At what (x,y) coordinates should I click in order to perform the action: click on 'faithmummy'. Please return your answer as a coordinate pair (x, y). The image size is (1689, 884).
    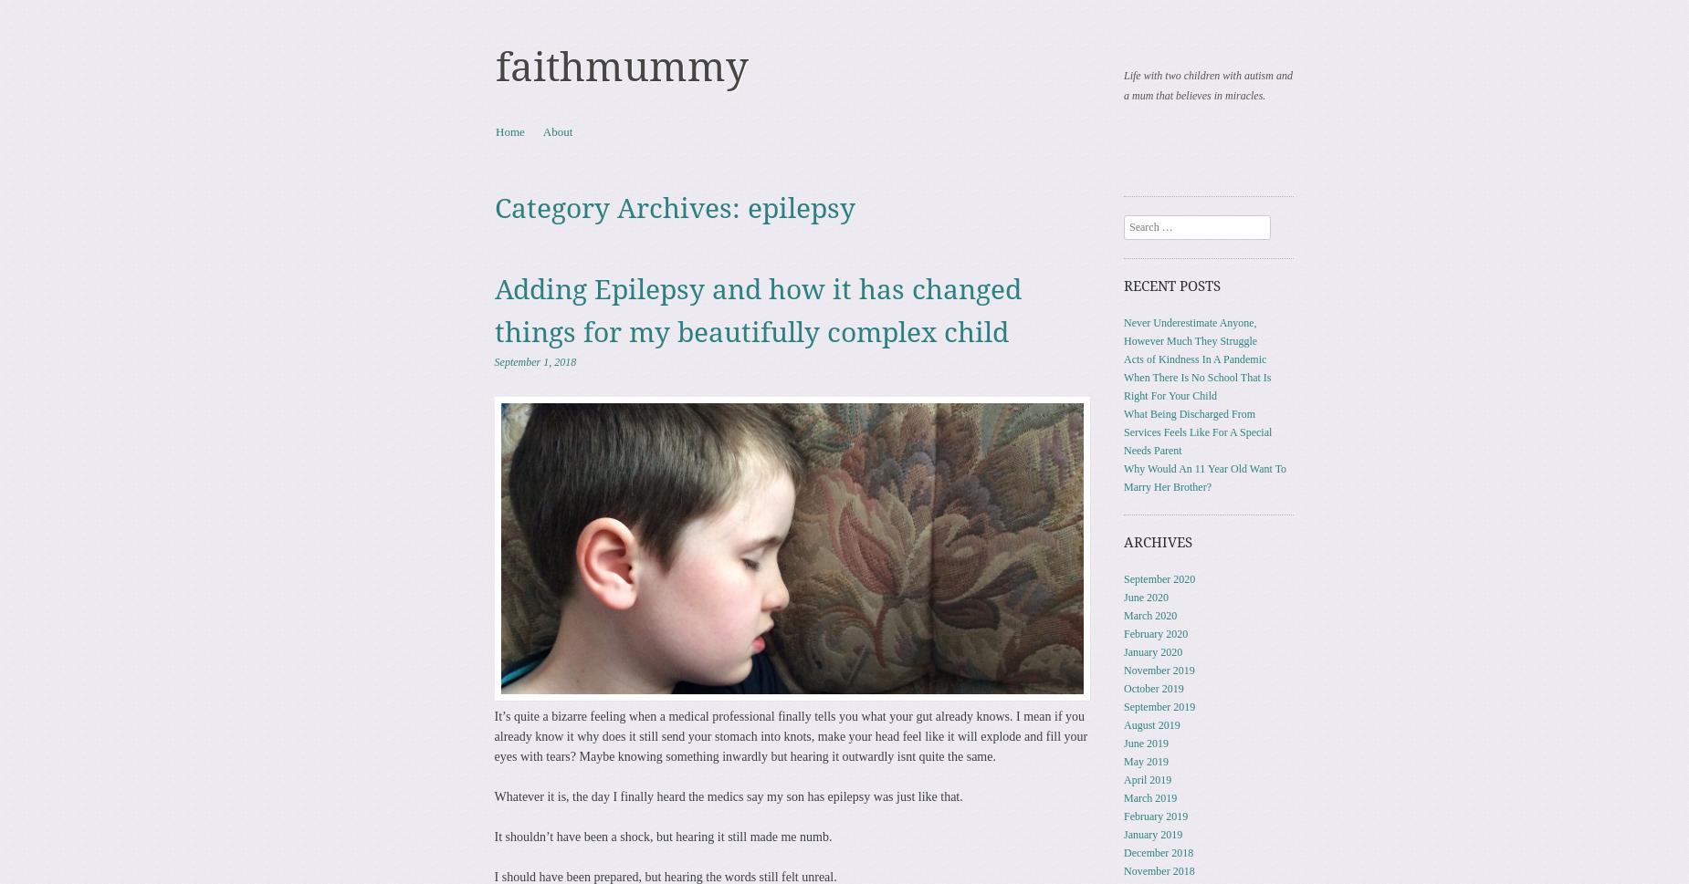
    Looking at the image, I should click on (622, 67).